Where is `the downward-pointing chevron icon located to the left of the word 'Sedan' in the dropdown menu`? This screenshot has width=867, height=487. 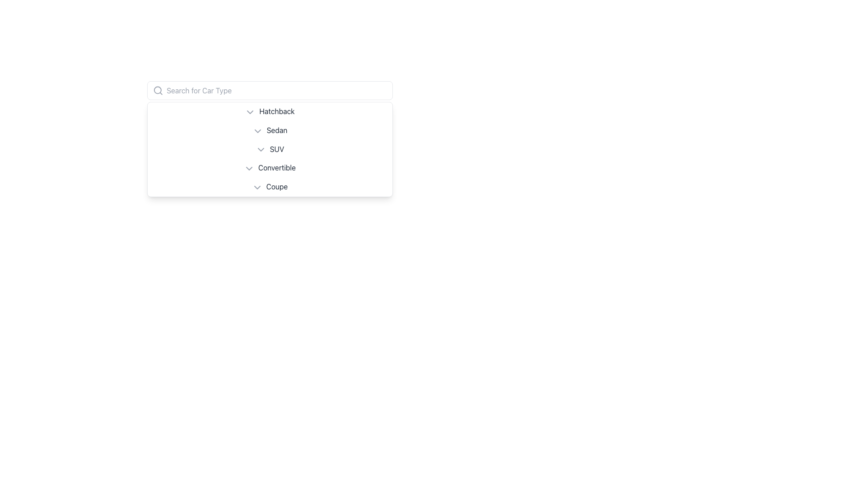
the downward-pointing chevron icon located to the left of the word 'Sedan' in the dropdown menu is located at coordinates (257, 131).